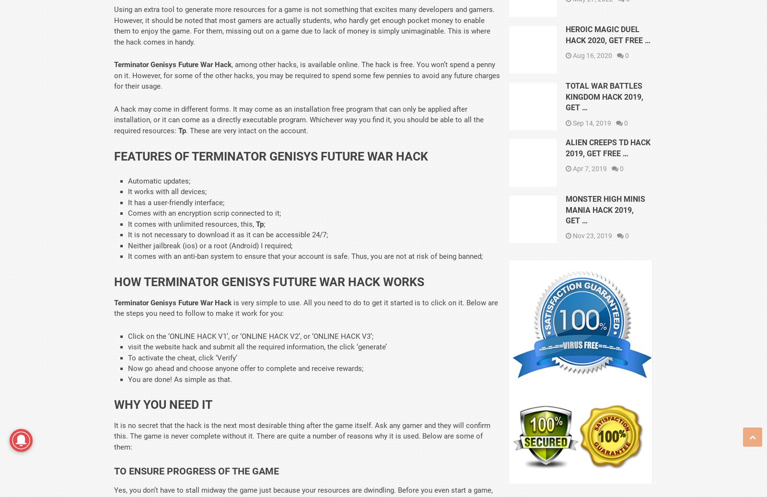  Describe the element at coordinates (163, 404) in the screenshot. I see `'Why You Need It'` at that location.